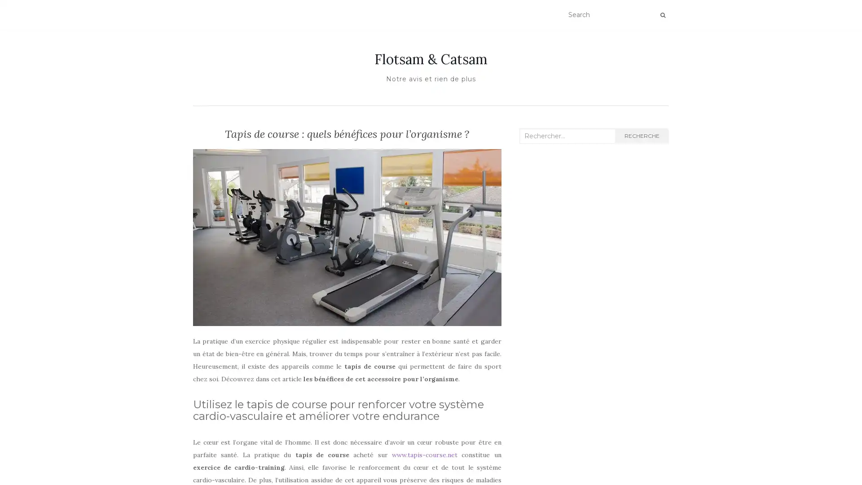 This screenshot has width=862, height=485. Describe the element at coordinates (641, 136) in the screenshot. I see `RECHERCHE` at that location.